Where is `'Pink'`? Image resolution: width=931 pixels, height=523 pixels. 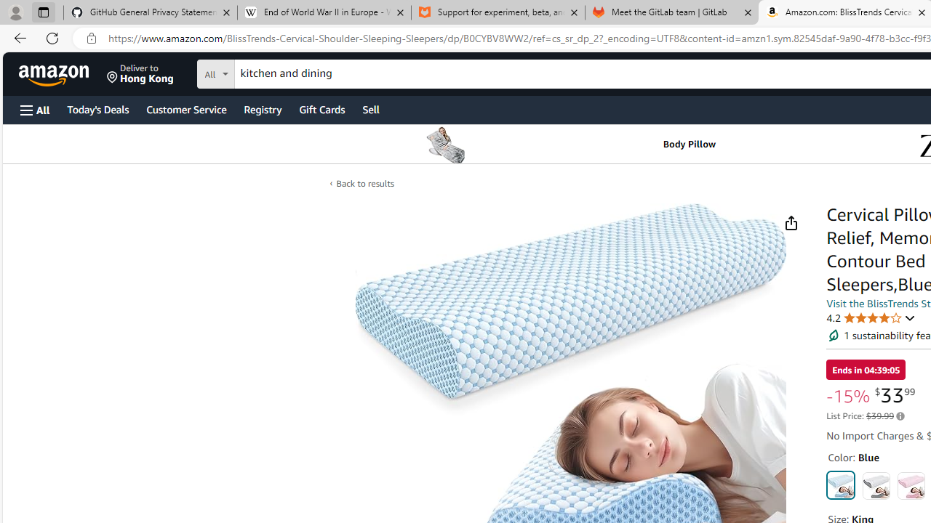 'Pink' is located at coordinates (910, 485).